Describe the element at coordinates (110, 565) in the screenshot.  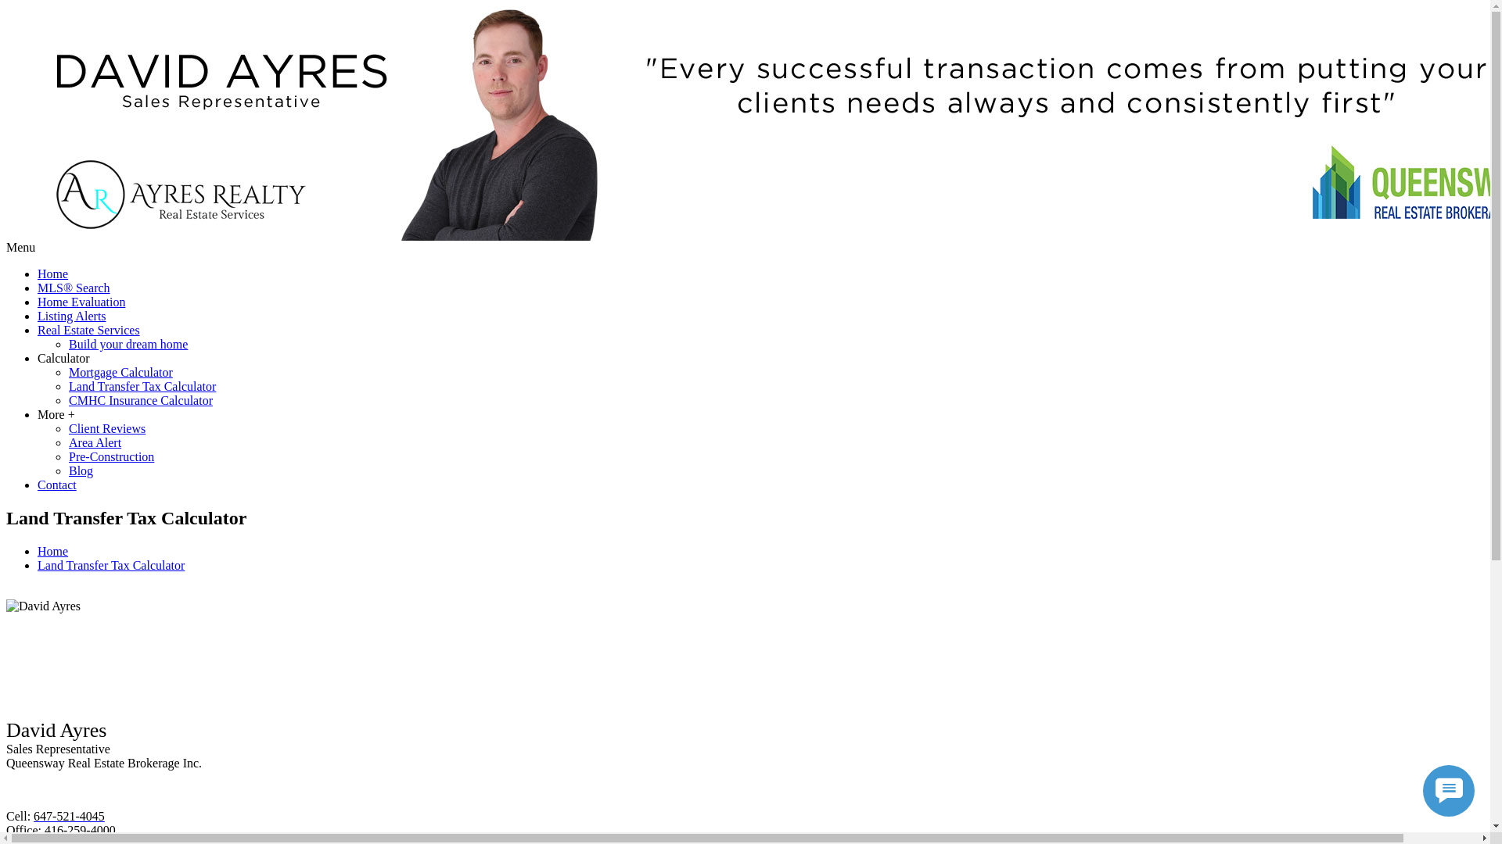
I see `'Land Transfer Tax Calculator'` at that location.